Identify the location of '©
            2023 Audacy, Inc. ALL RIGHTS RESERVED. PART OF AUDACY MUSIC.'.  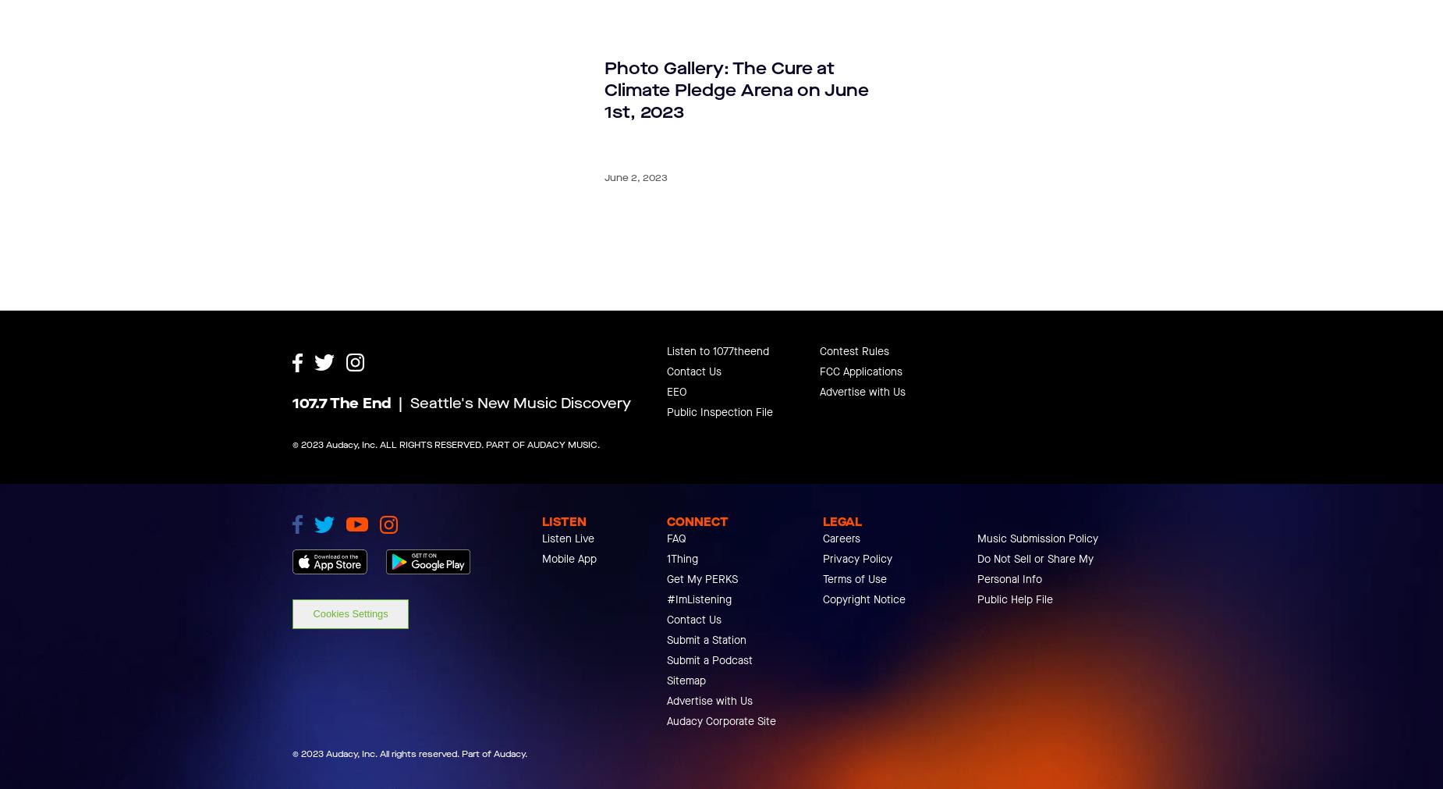
(446, 515).